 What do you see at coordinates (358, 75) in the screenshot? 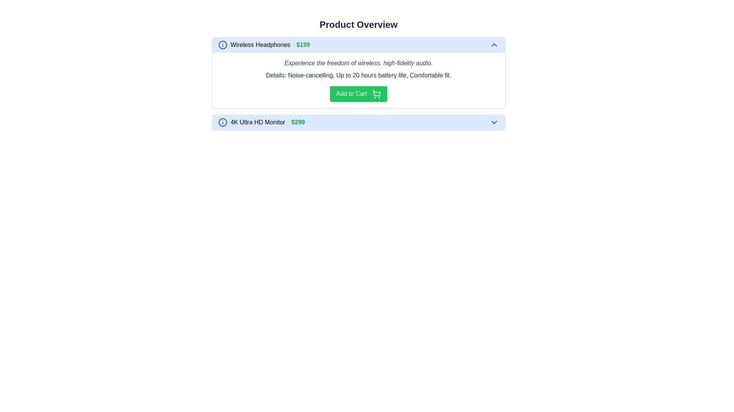
I see `the Text Block stating 'Details: Noise-cancelling, Up to 20 hours battery life, Comfortable fit.' positioned below the product description of 'Wireless Headphones'` at bounding box center [358, 75].